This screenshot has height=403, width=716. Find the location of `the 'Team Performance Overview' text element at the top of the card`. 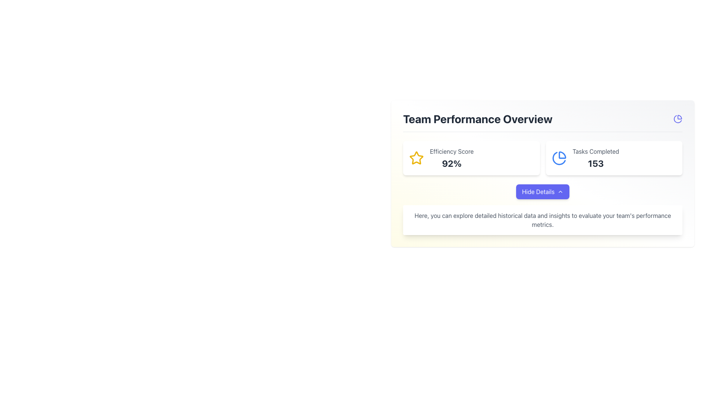

the 'Team Performance Overview' text element at the top of the card is located at coordinates (543, 122).